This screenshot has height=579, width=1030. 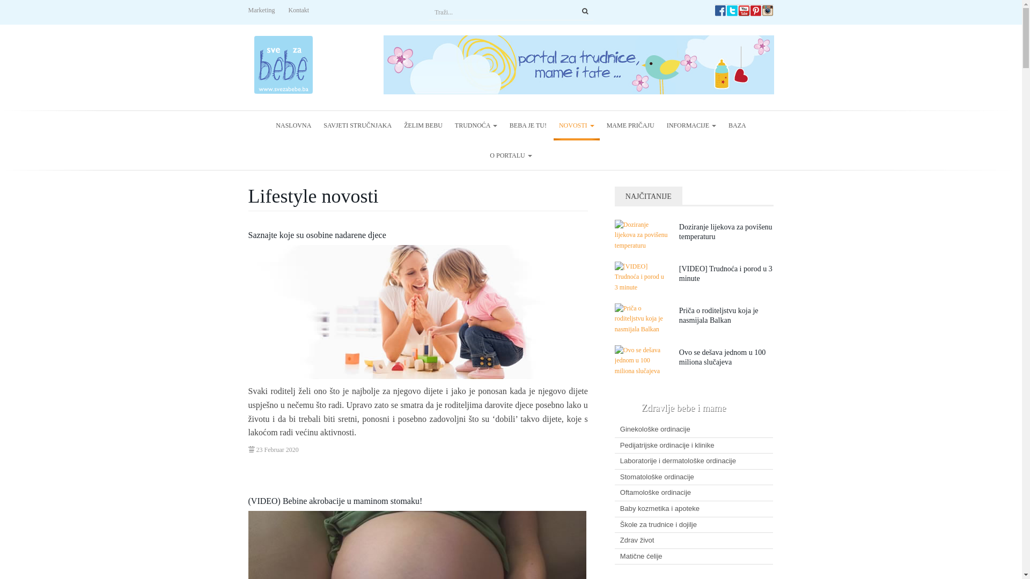 I want to click on 'BAZA', so click(x=723, y=125).